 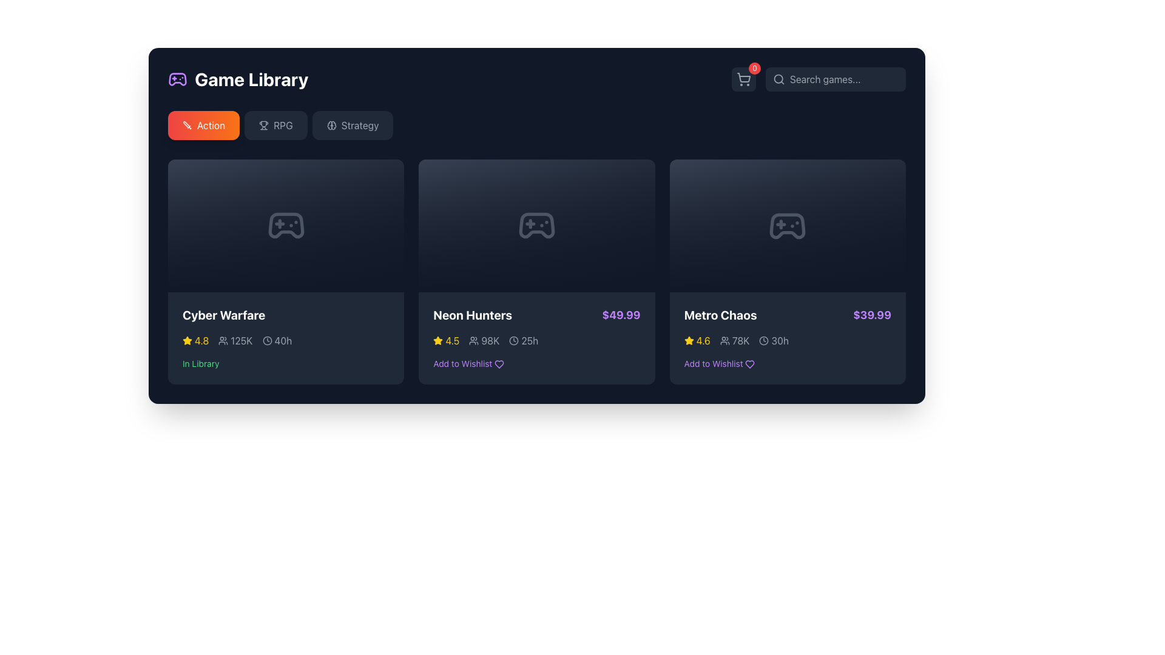 I want to click on the Text label displaying the user count, which is the second item in a list of three, located between the yellow star icon with a rating score of '4.8' and the clock icon with the text '40h', in the middle section of the interface below the title 'Cyber Warfare', so click(x=235, y=341).